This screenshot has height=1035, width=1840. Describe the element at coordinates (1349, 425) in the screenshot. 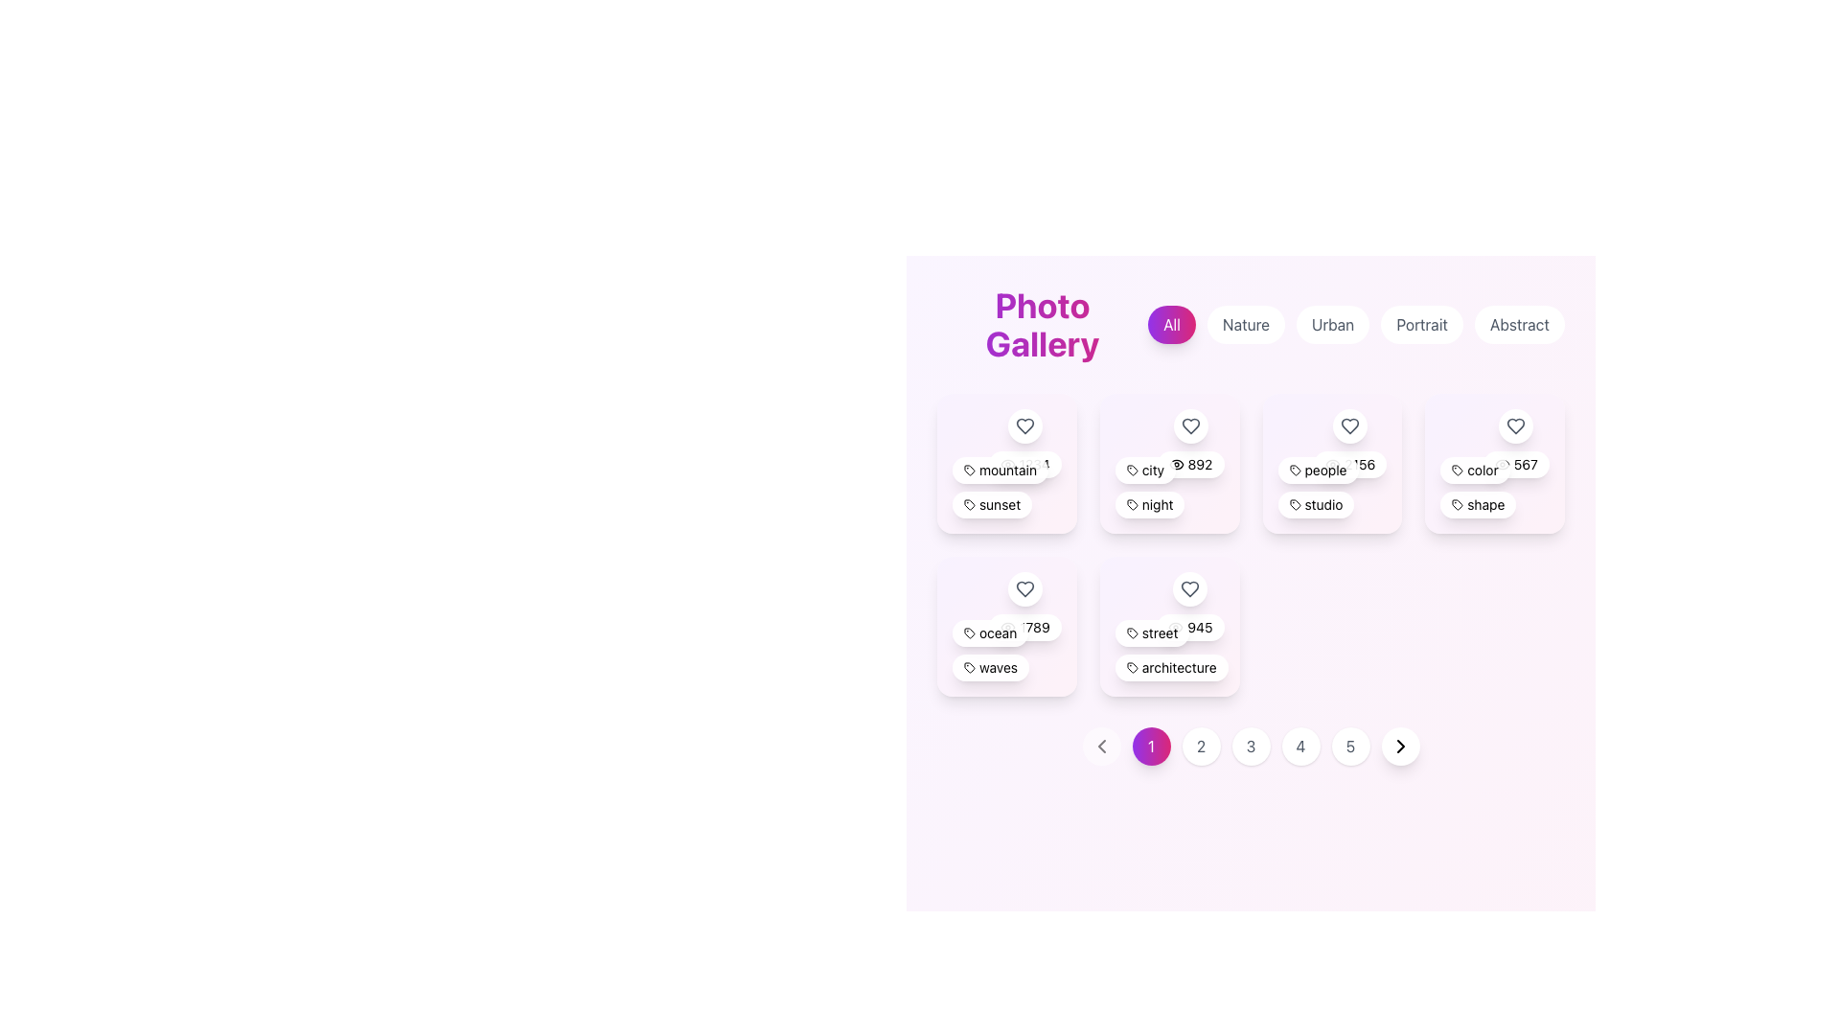

I see `the 'like' or 'favorite' button located in the top-right corner of the 'people' card to activate the scaling effect` at that location.